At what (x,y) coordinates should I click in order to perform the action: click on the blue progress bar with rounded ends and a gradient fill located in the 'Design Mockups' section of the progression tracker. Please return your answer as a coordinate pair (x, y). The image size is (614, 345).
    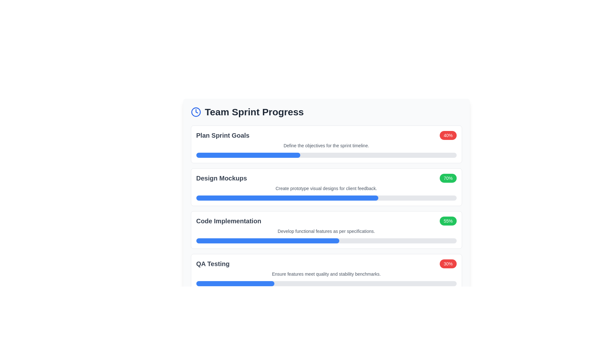
    Looking at the image, I should click on (287, 198).